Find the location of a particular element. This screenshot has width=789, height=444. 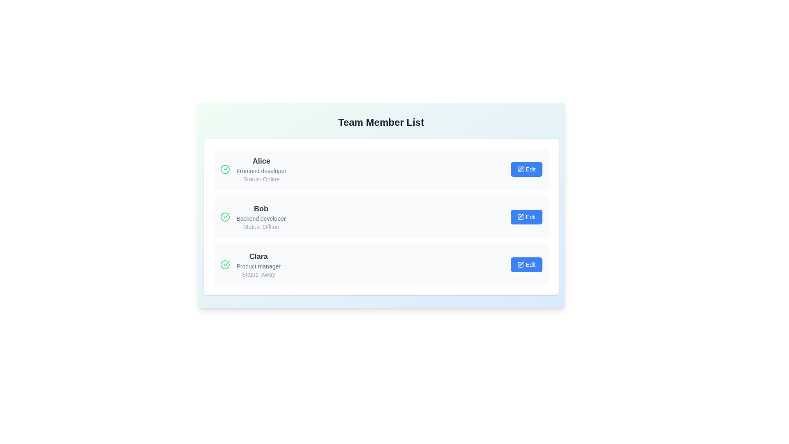

the user item corresponding to Alice is located at coordinates (381, 169).